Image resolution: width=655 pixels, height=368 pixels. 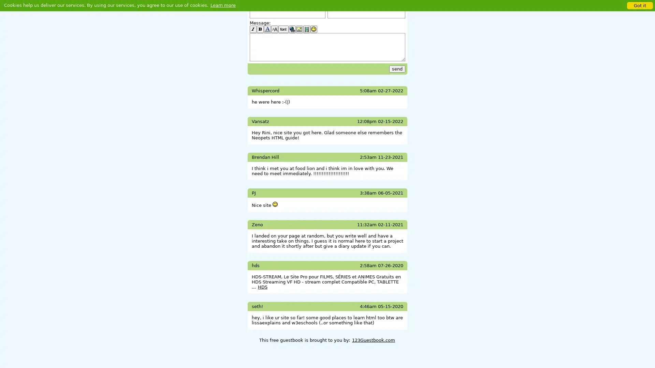 What do you see at coordinates (397, 69) in the screenshot?
I see `send` at bounding box center [397, 69].